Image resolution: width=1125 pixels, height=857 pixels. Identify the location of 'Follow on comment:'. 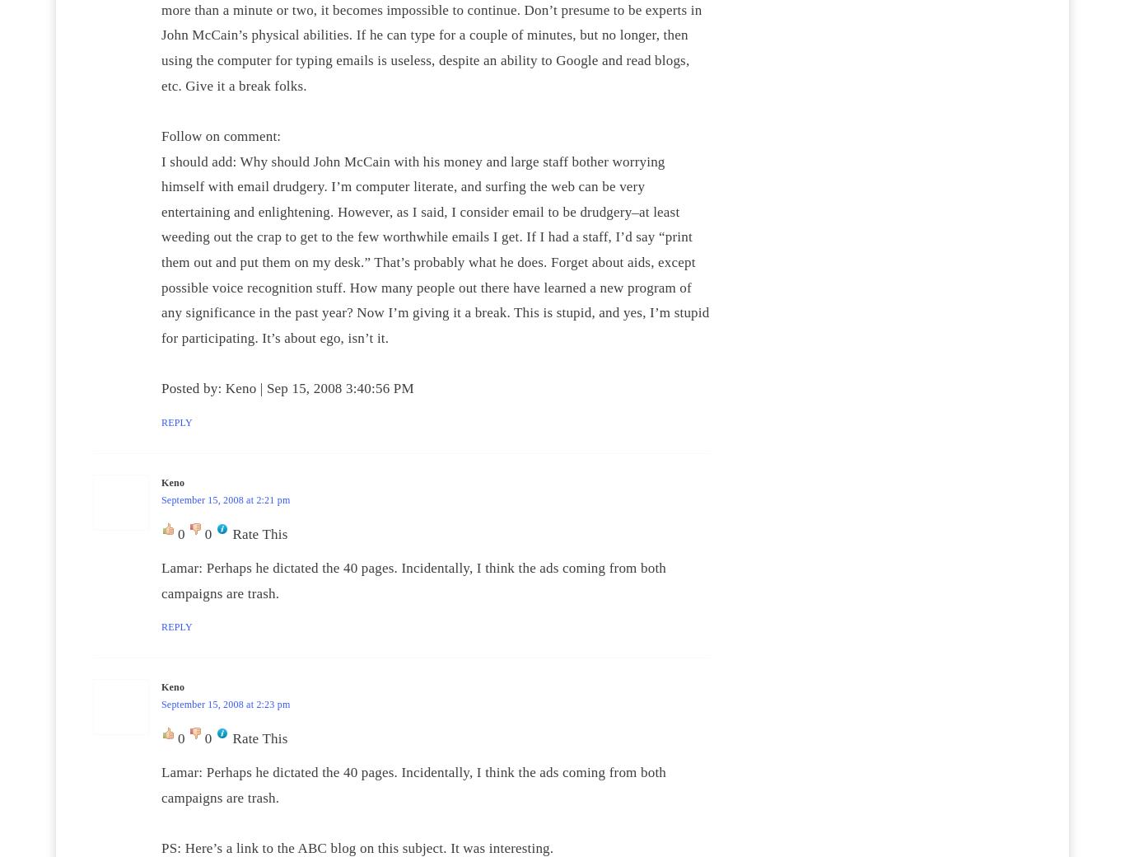
(161, 136).